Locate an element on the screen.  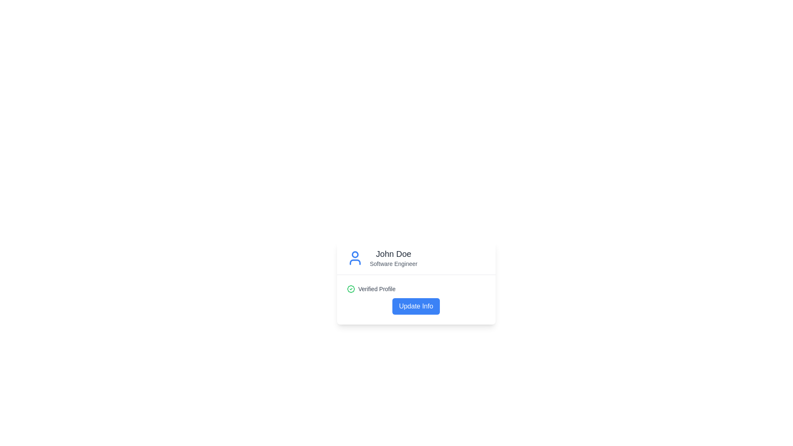
the text label indicating that the profile has been verified, which is positioned to the immediate right of the green badge icon is located at coordinates (376, 288).